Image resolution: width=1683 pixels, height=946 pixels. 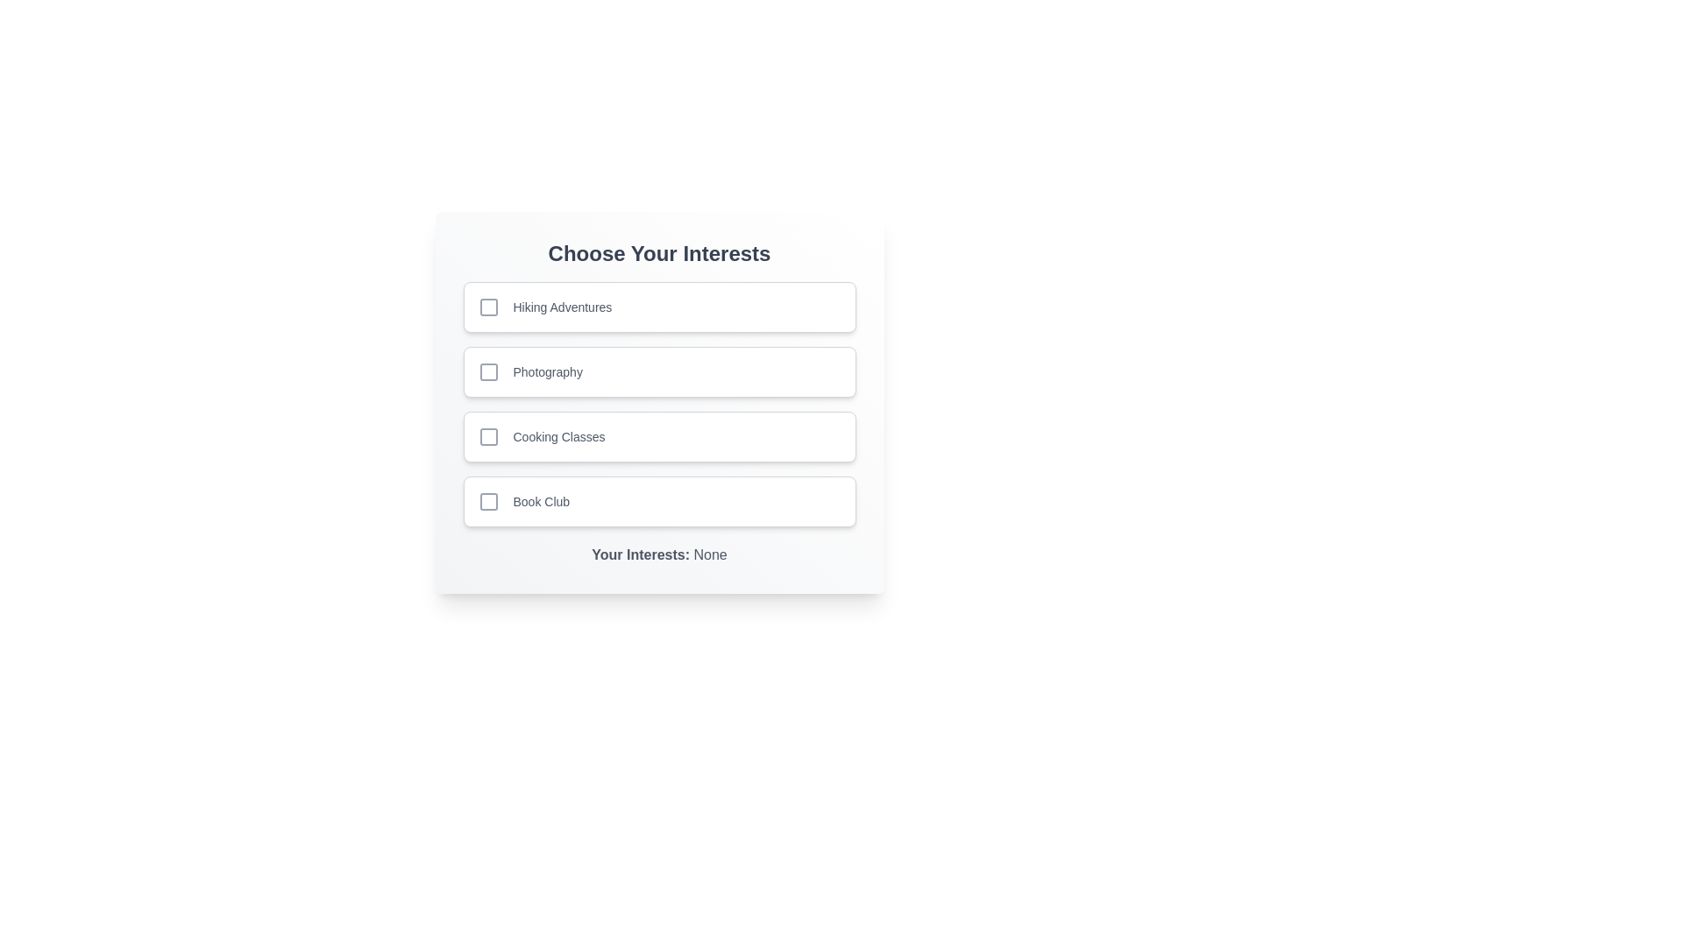 I want to click on the Text Label for the 'Photography' interest category, which provides contextual information and is located between 'Hiking Adventures' and 'Cooking Classes', so click(x=547, y=371).